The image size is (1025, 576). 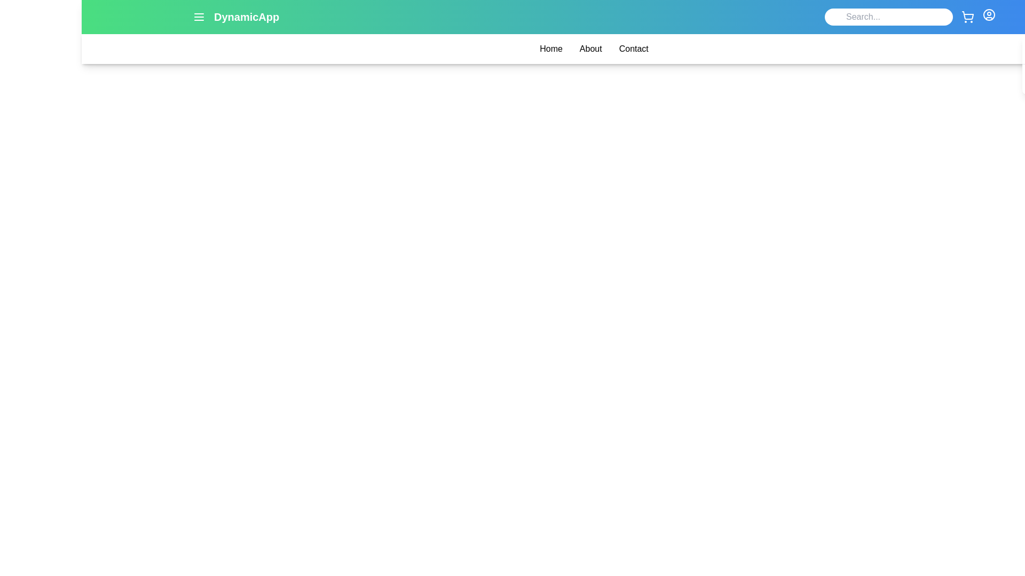 I want to click on the 'About' link in the menu bar, so click(x=589, y=49).